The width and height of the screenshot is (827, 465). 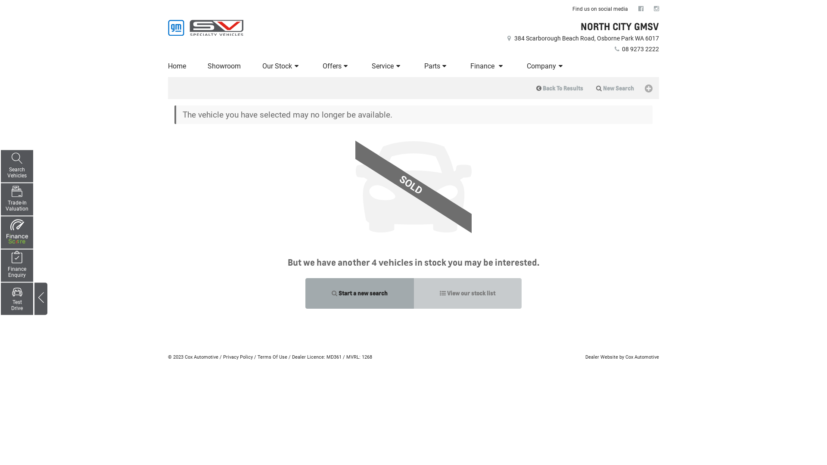 What do you see at coordinates (386, 66) in the screenshot?
I see `'Service'` at bounding box center [386, 66].